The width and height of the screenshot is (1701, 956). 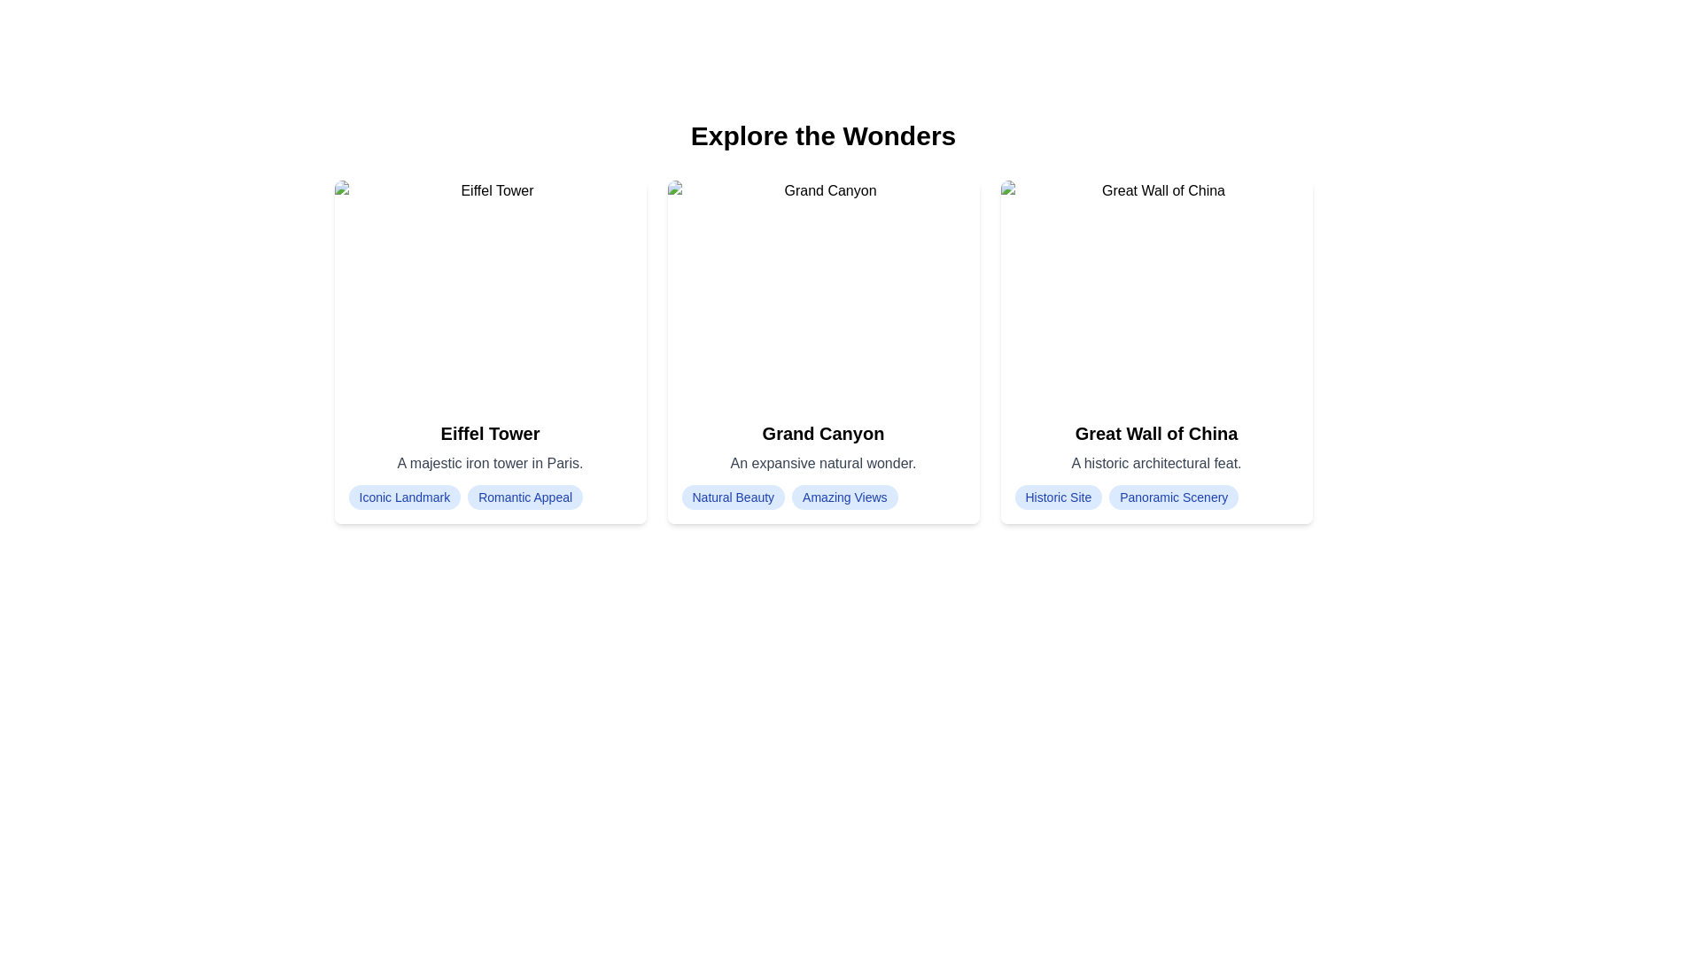 What do you see at coordinates (490, 351) in the screenshot?
I see `details of the first card titled 'Eiffel Tower', which describes it as 'A majestic iron tower in Paris.'` at bounding box center [490, 351].